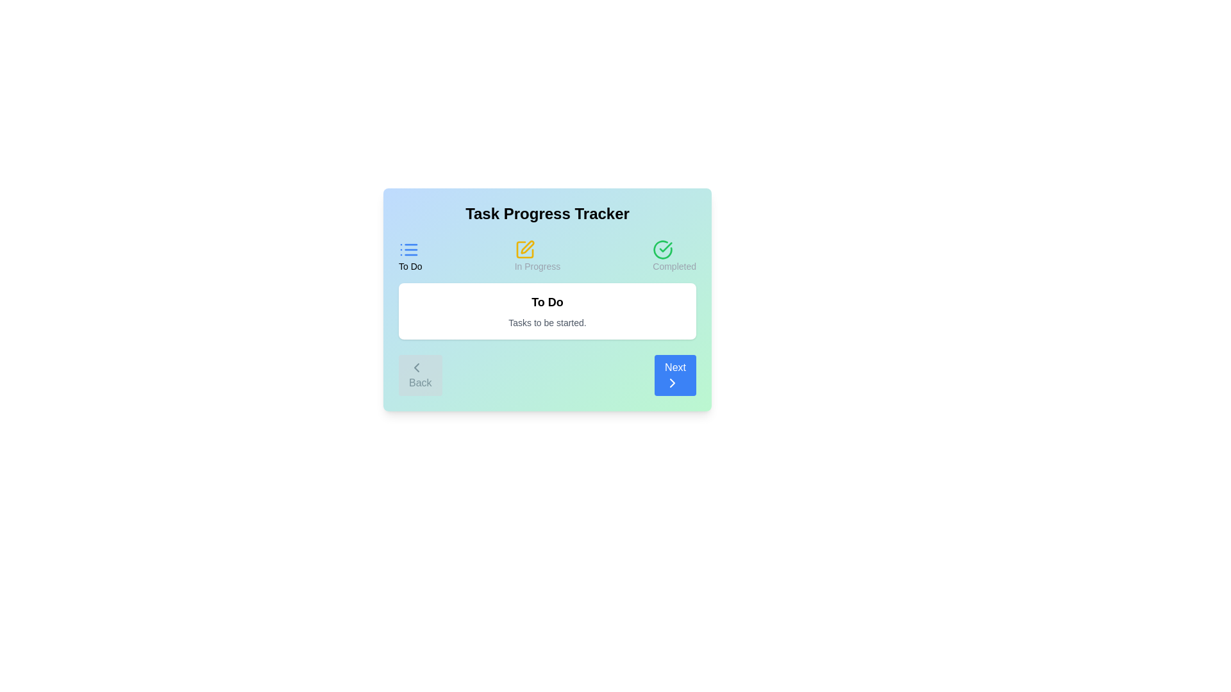 The width and height of the screenshot is (1231, 692). I want to click on the icon for the step Completed to view its details, so click(662, 249).